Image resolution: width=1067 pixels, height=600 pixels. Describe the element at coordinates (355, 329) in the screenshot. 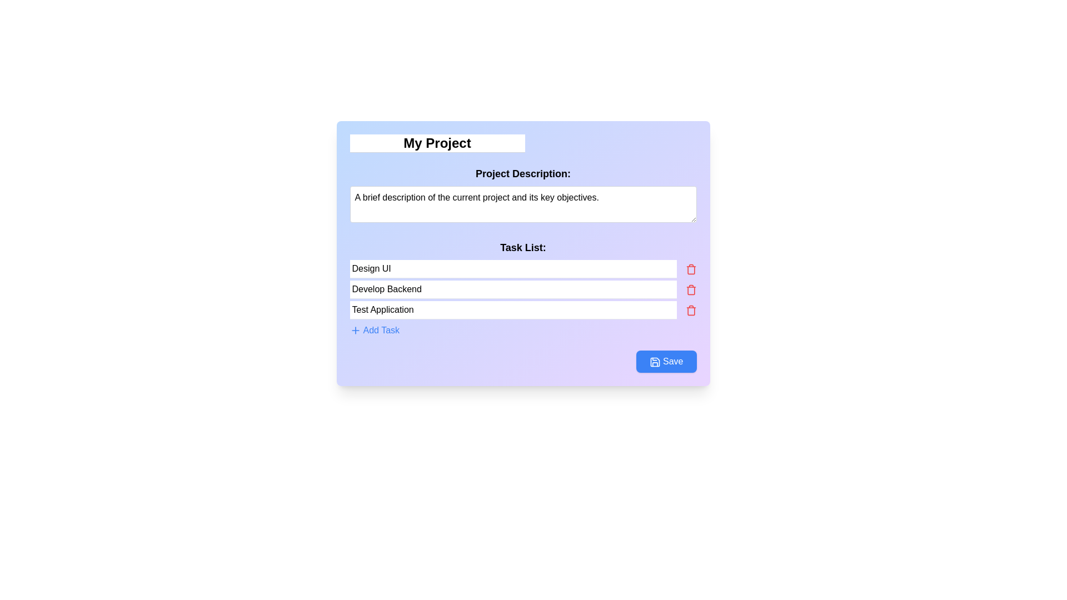

I see `addition icon located to the immediate left of the 'Add Task' text within the 'Add Task' button` at that location.